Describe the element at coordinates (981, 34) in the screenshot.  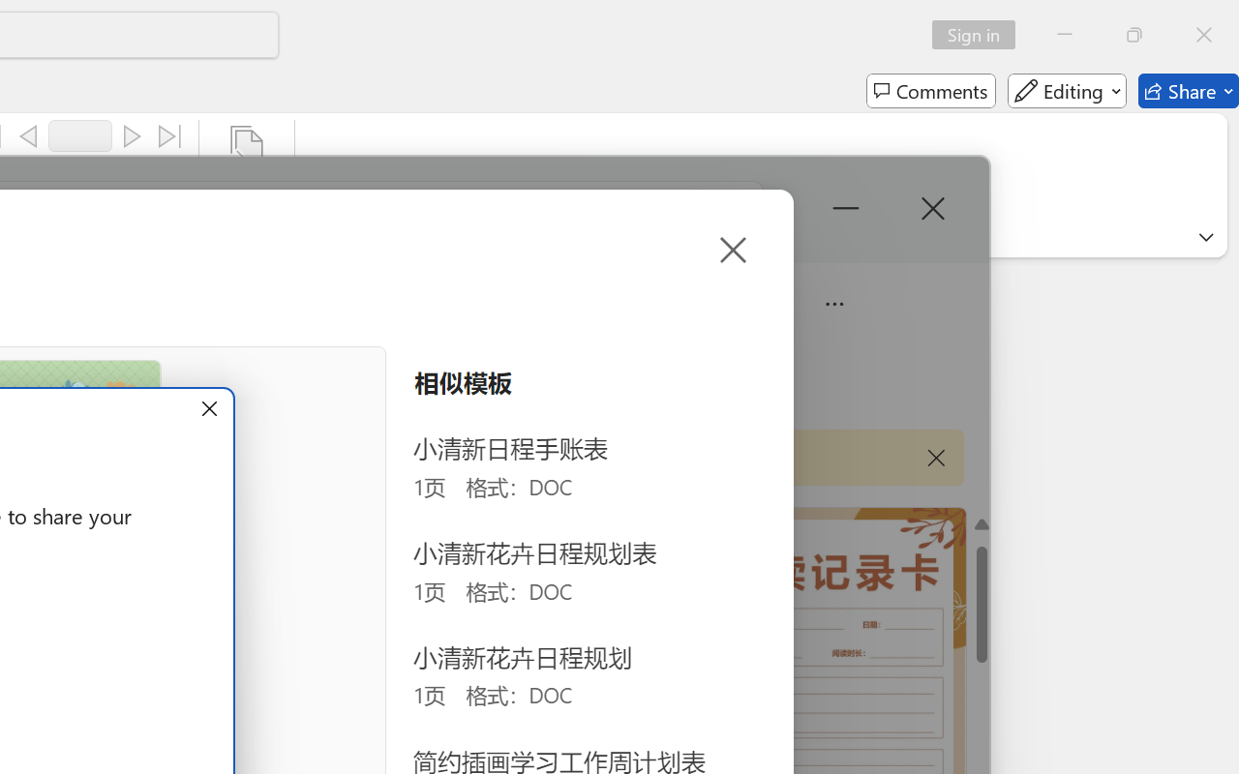
I see `'Sign in'` at that location.